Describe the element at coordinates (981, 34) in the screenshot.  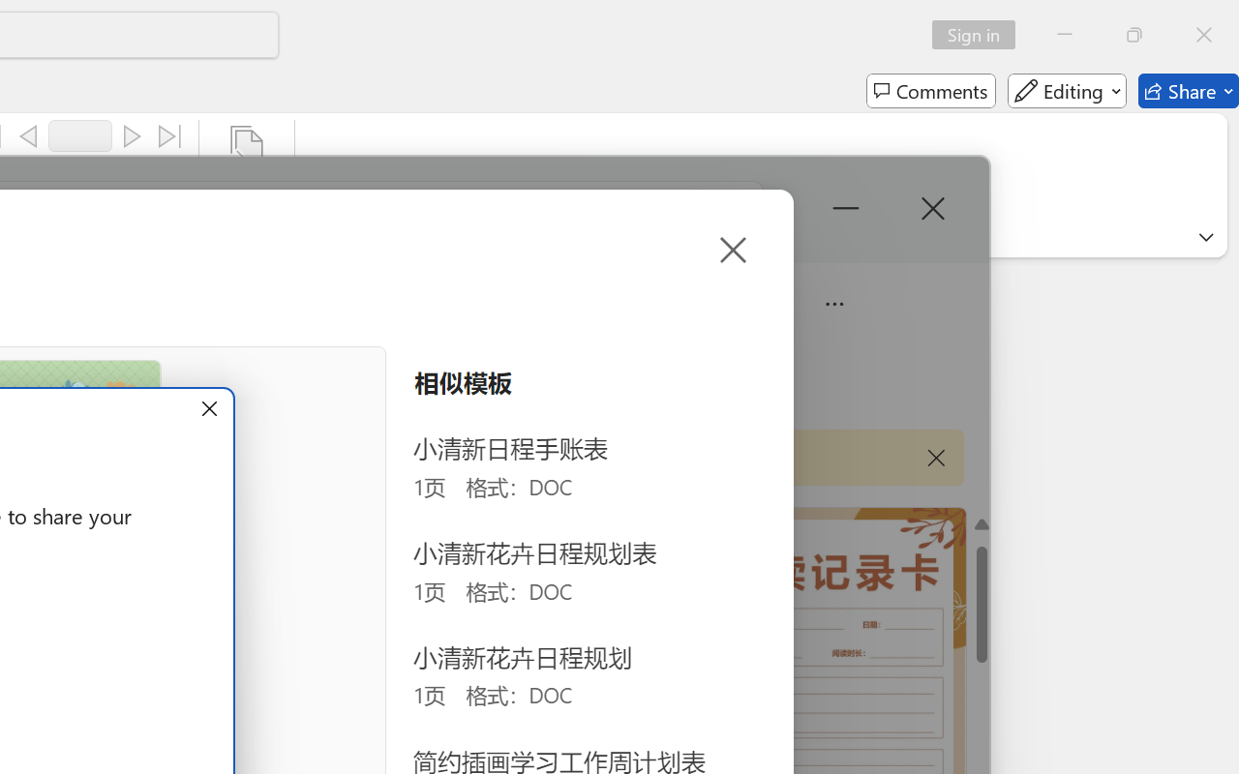
I see `'Sign in'` at that location.